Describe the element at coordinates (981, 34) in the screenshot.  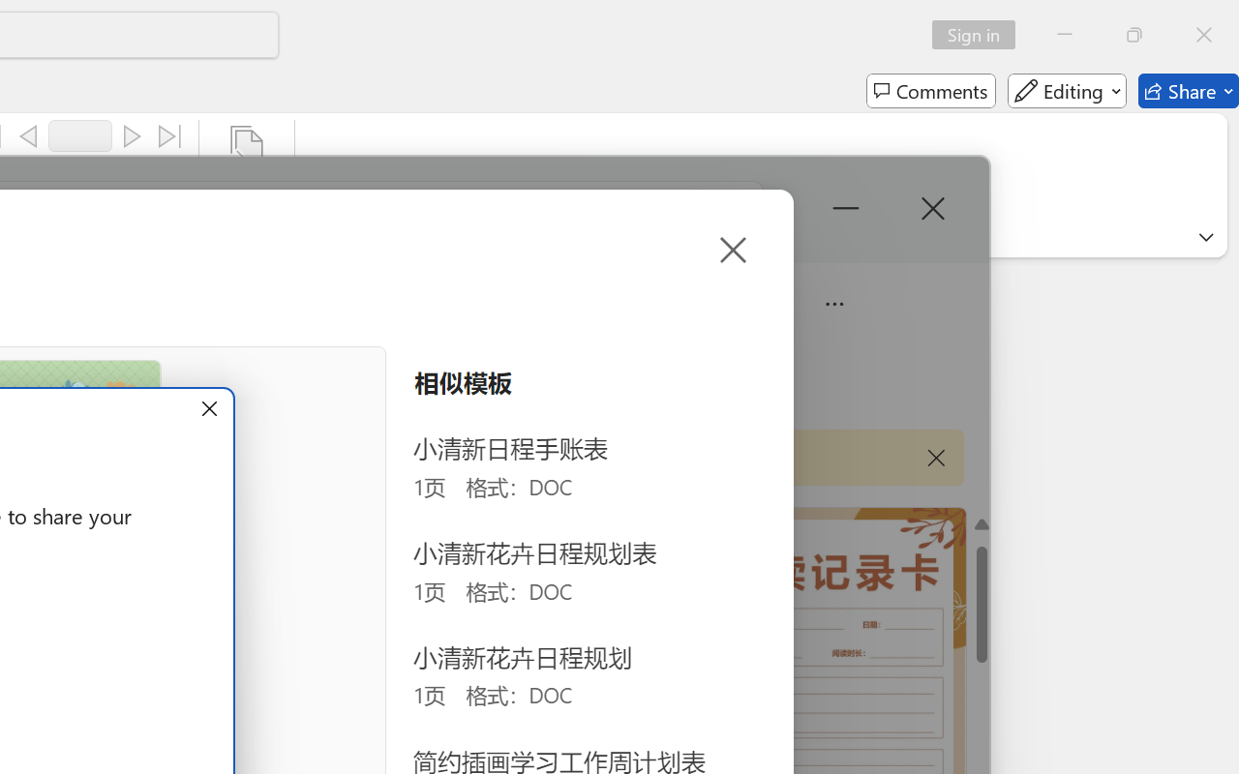
I see `'Sign in'` at that location.